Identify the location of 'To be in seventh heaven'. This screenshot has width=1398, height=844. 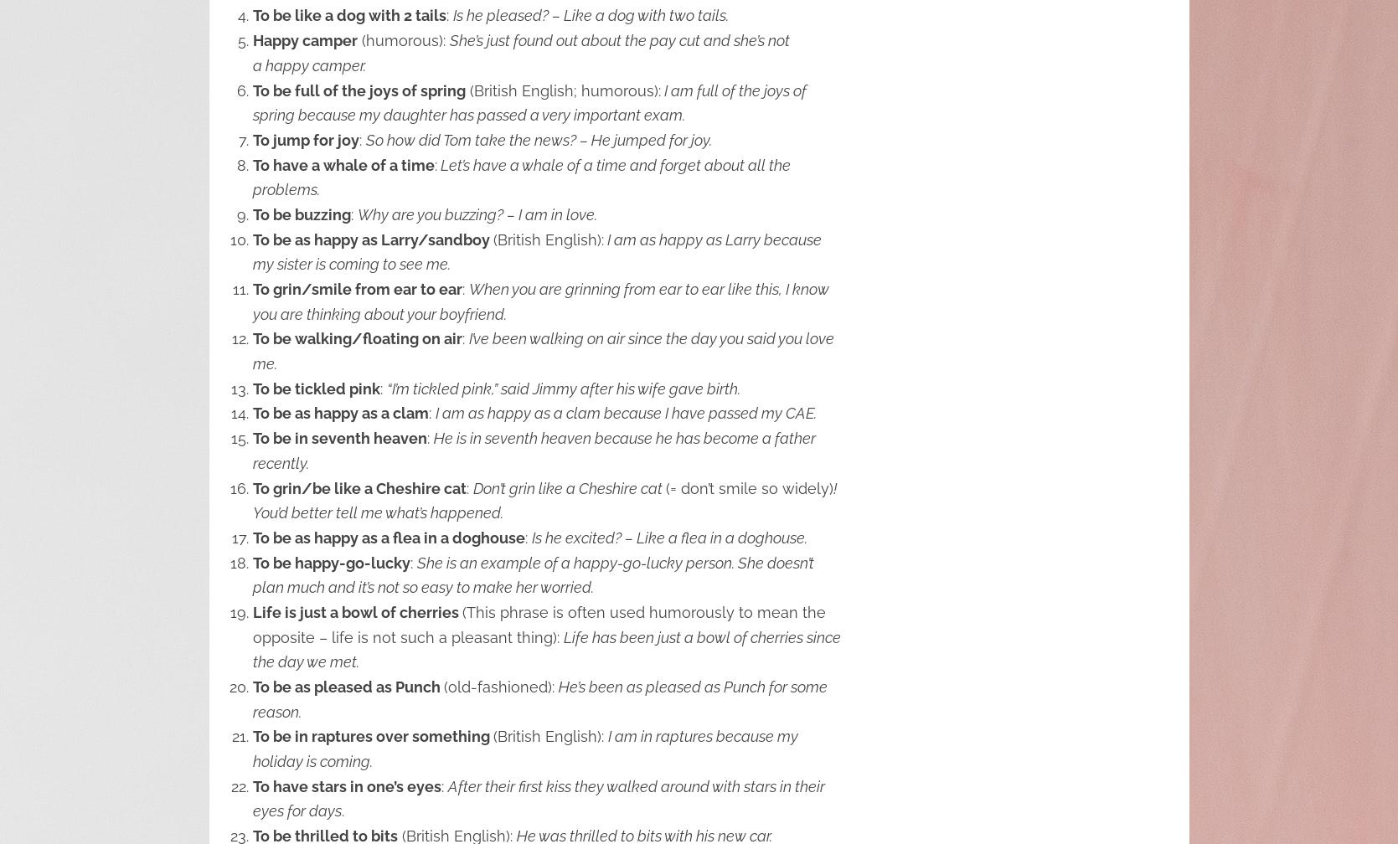
(339, 438).